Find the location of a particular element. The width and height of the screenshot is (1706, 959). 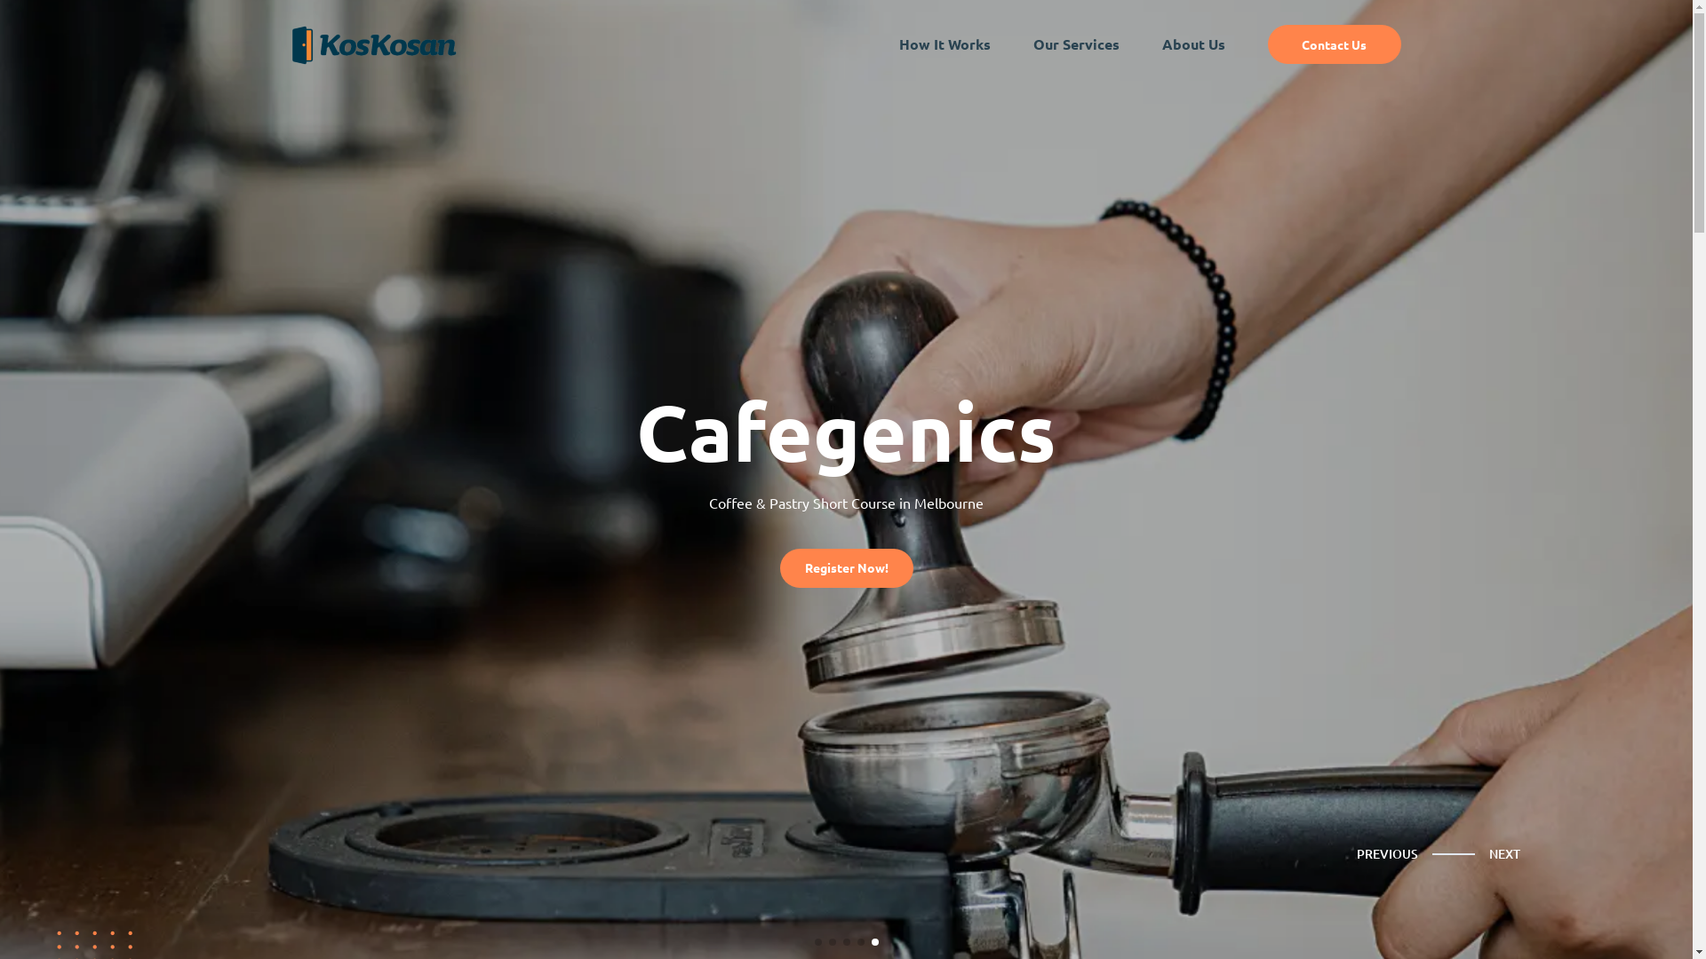

'Our Services' is located at coordinates (1074, 44).